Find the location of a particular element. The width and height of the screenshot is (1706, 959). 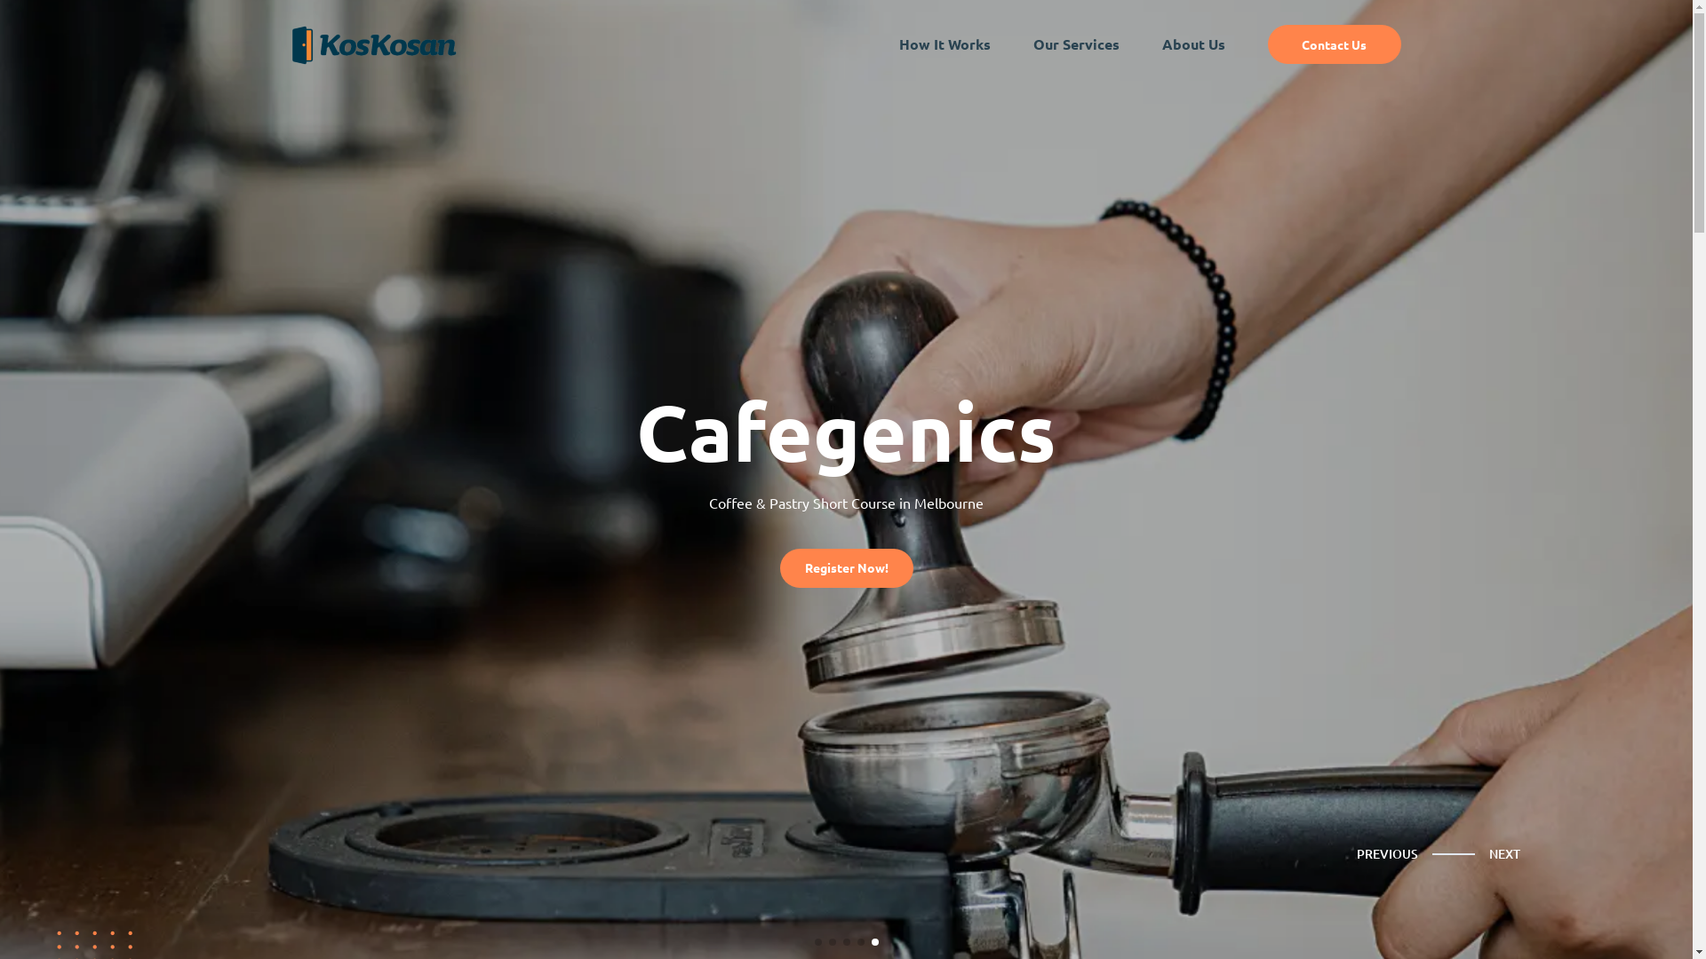

'Our Services' is located at coordinates (1074, 44).